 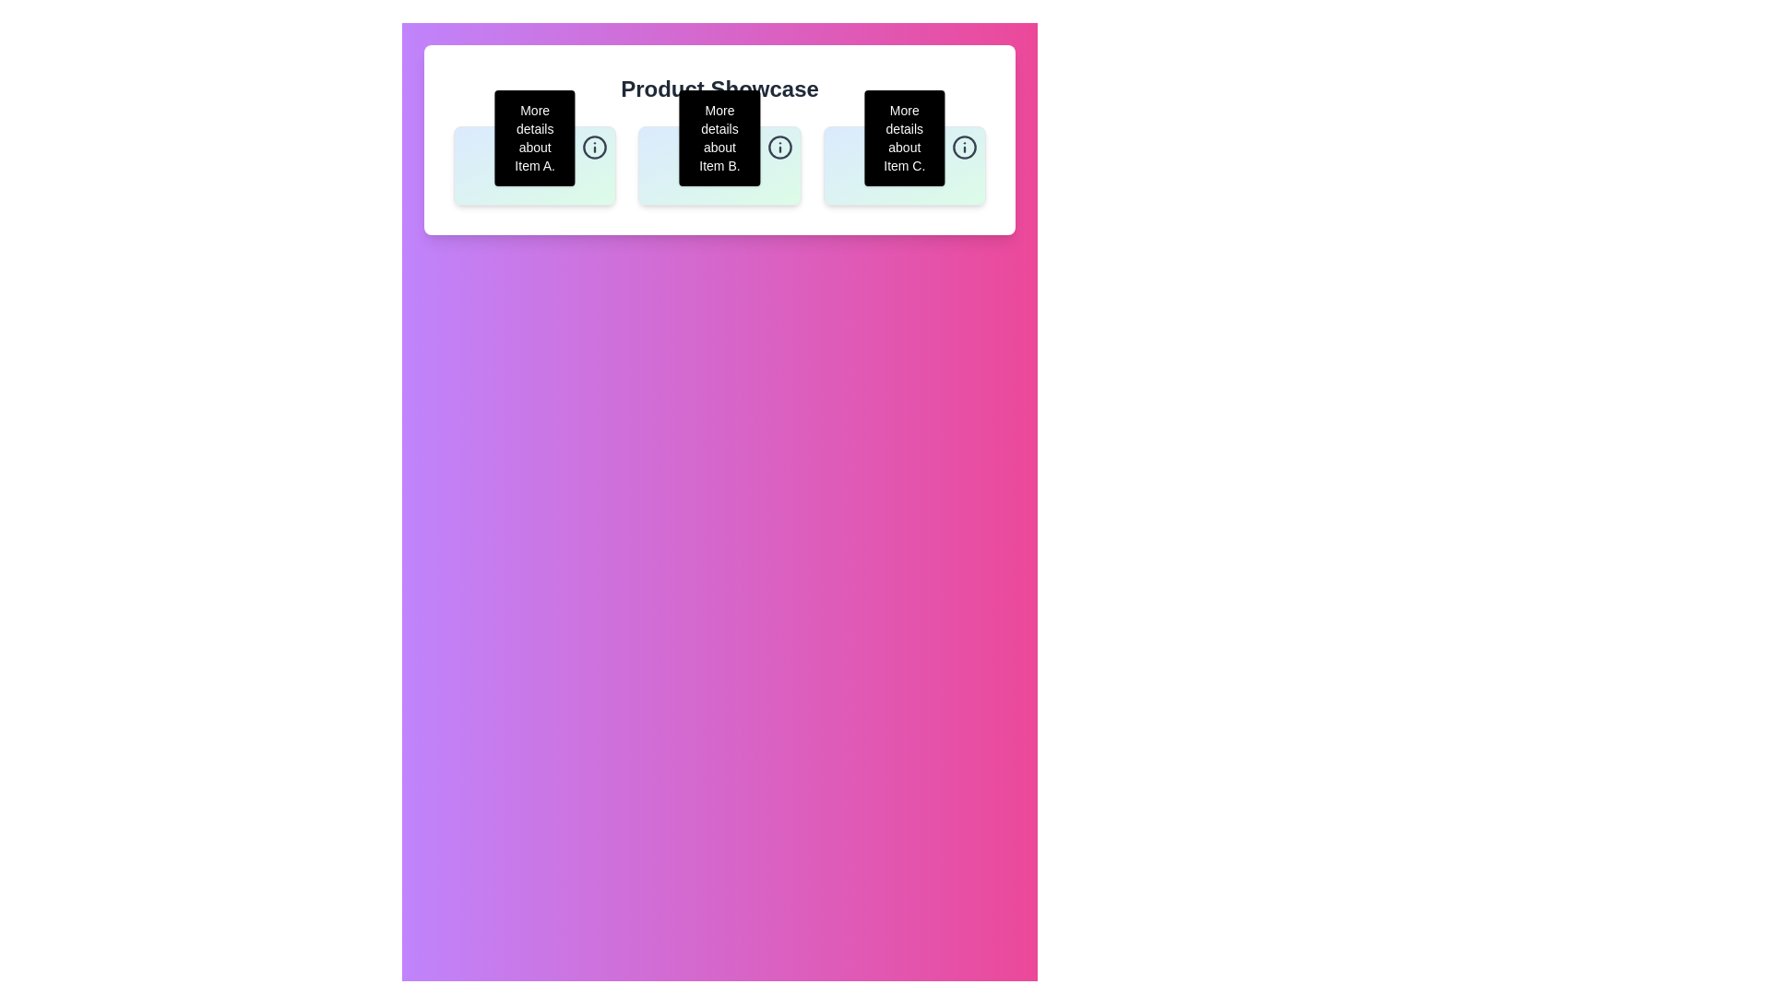 I want to click on the static text label displaying 'Item B' located in the upper section of the middle card of a horizontally aligned group of three cards, so click(x=719, y=161).